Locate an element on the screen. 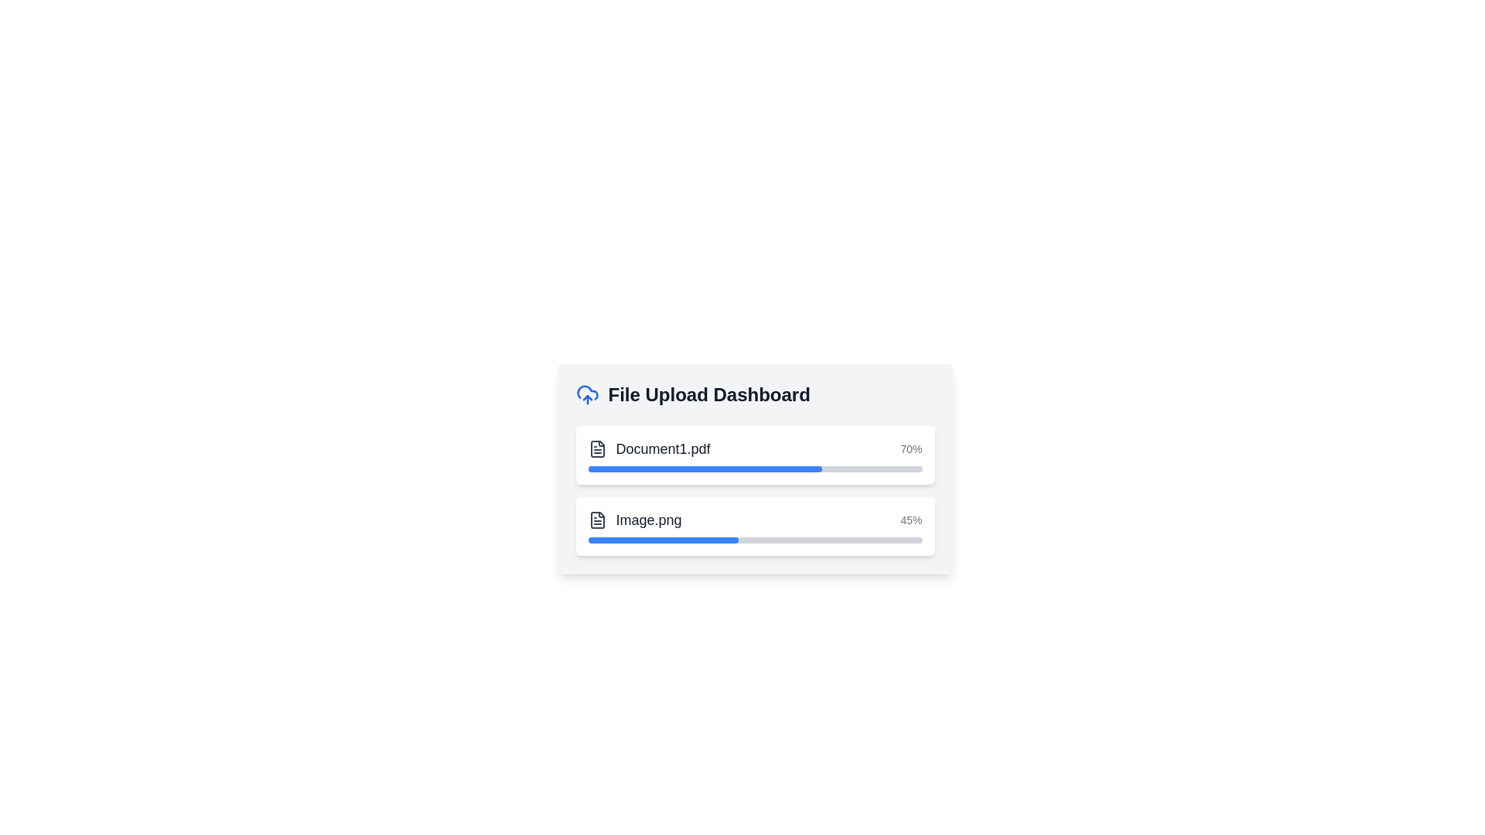  the 'File Upload Dashboard' header element, which features a cloud upload icon and displays the text in bold, large font at the top of the content card is located at coordinates (755, 394).